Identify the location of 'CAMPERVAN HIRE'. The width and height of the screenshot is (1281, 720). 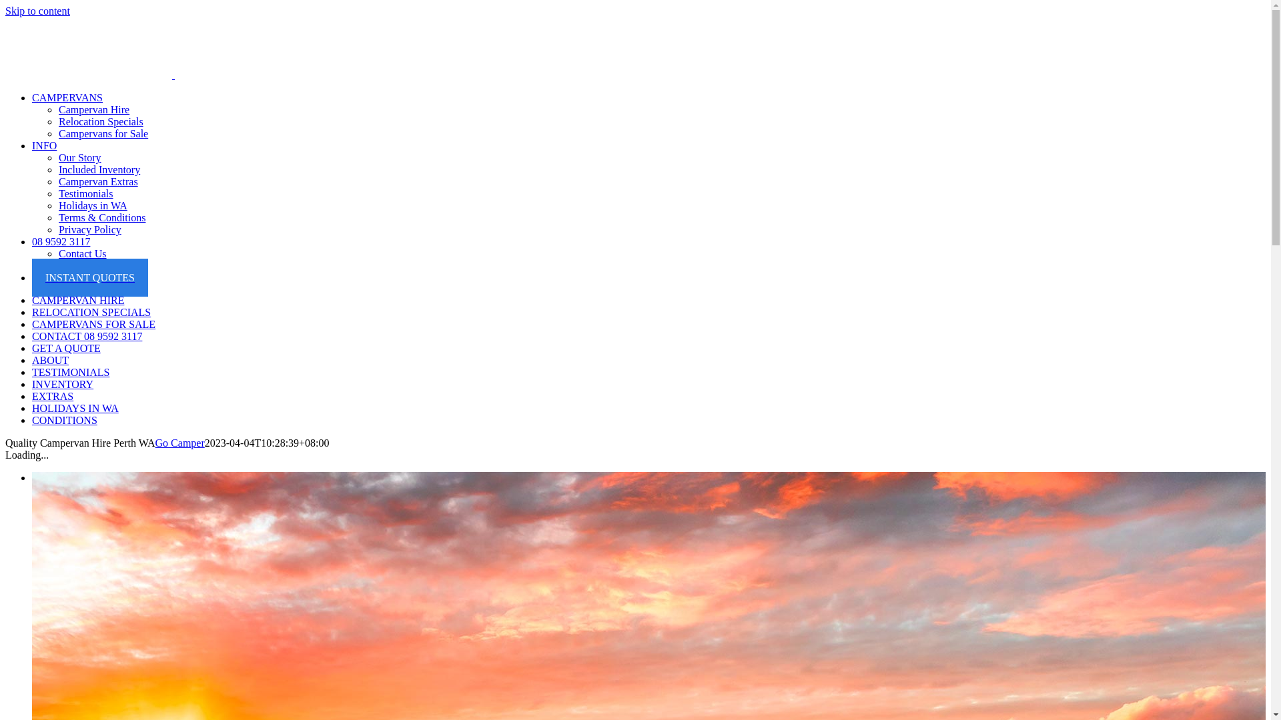
(77, 300).